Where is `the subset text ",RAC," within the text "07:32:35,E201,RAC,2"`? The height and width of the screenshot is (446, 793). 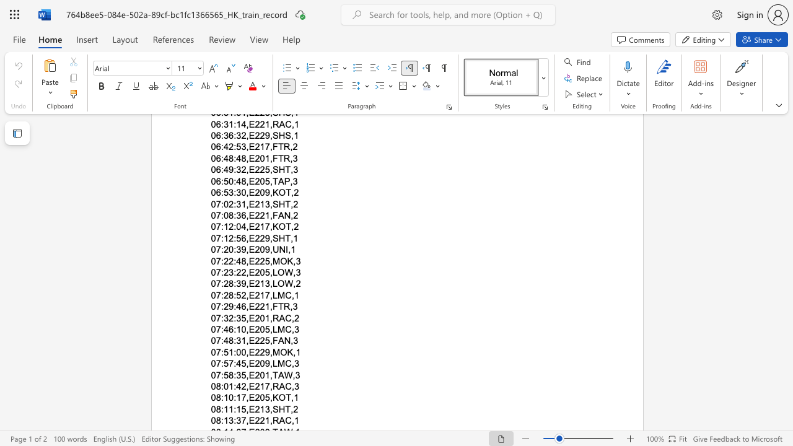 the subset text ",RAC," within the text "07:32:35,E201,RAC,2" is located at coordinates (269, 317).